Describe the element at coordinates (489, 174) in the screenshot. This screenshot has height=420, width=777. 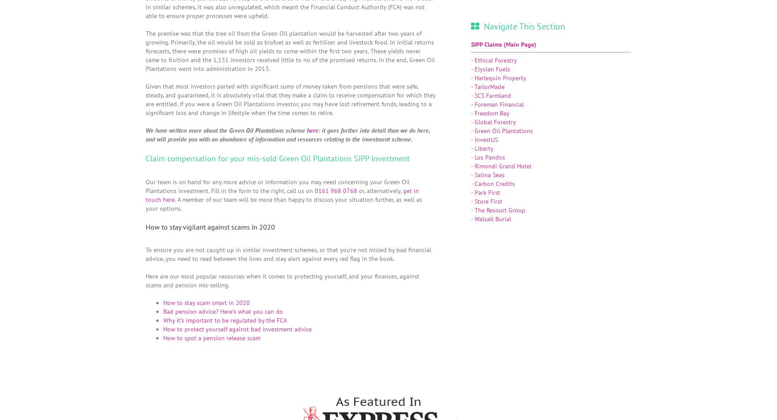
I see `'Salina Seas'` at that location.